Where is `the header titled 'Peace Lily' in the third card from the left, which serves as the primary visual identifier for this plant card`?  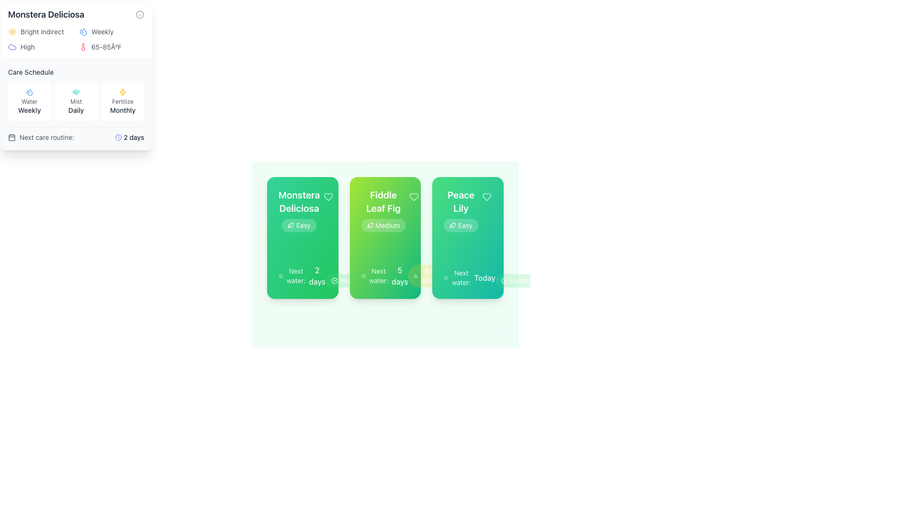 the header titled 'Peace Lily' in the third card from the left, which serves as the primary visual identifier for this plant card is located at coordinates (461, 210).